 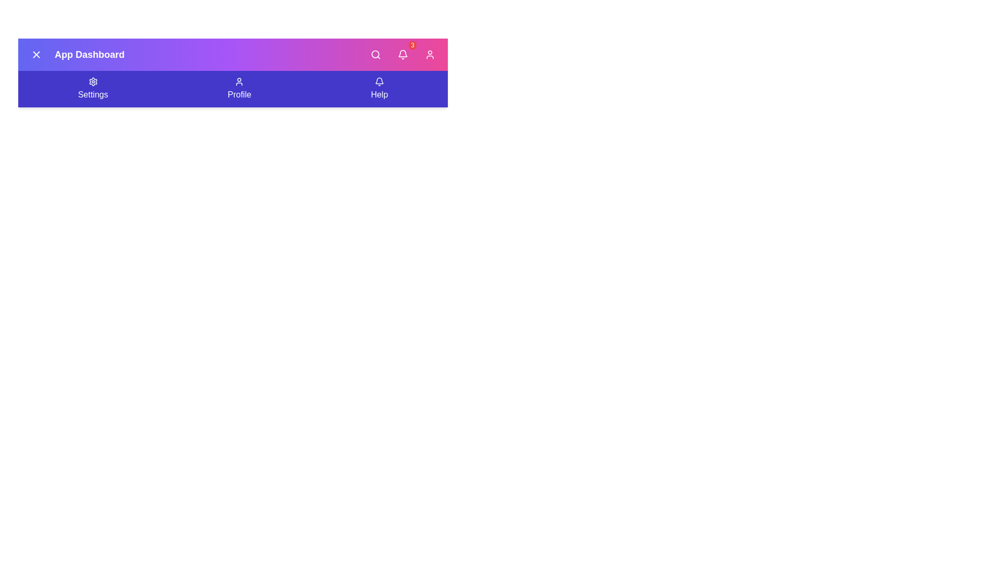 What do you see at coordinates (375, 54) in the screenshot?
I see `the 'Search' button to initiate a search action` at bounding box center [375, 54].